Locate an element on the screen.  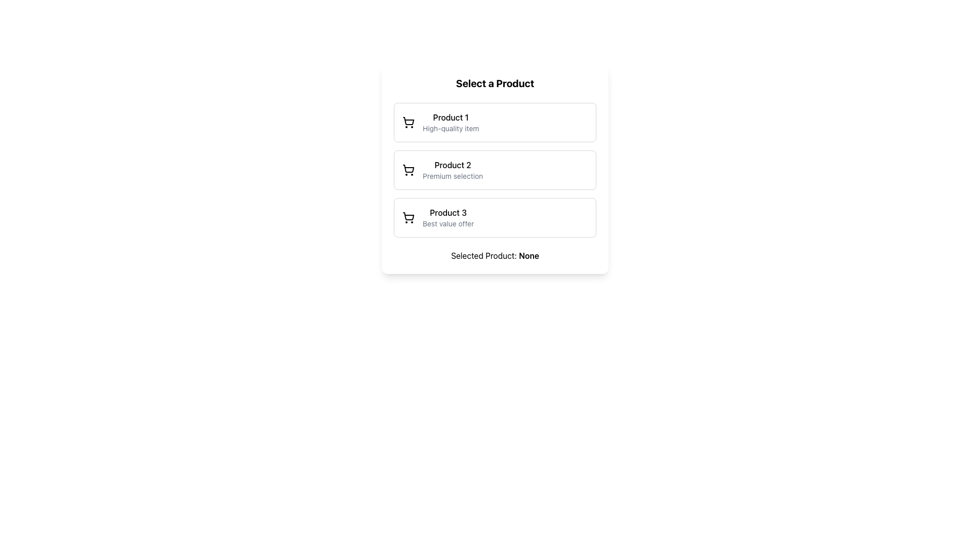
the descriptive text label for 'Product 3', which indicates it offers the best value compared to other products listed, located below the 'Product 3' label in the third selection box of the 'Select a Product' interface is located at coordinates (448, 223).